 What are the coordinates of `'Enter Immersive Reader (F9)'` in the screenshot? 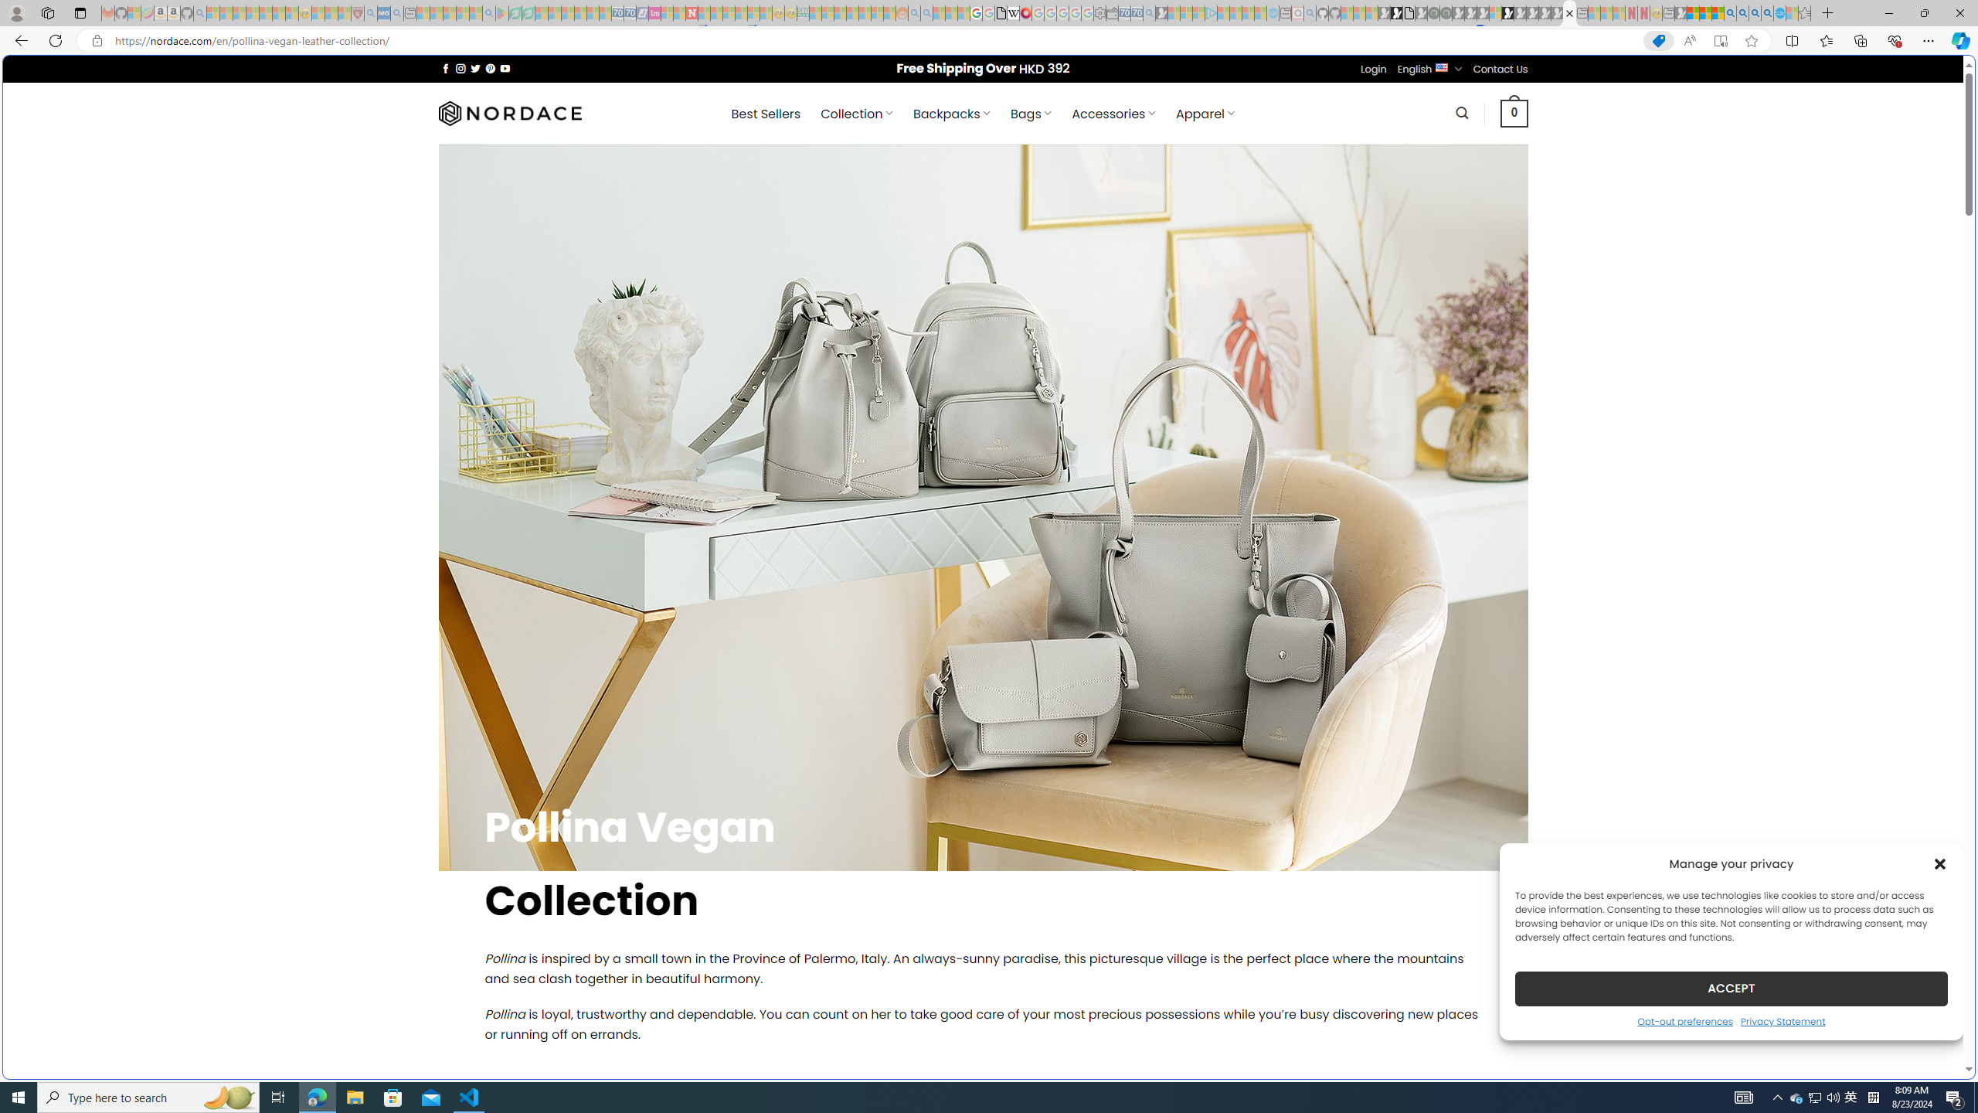 It's located at (1720, 41).